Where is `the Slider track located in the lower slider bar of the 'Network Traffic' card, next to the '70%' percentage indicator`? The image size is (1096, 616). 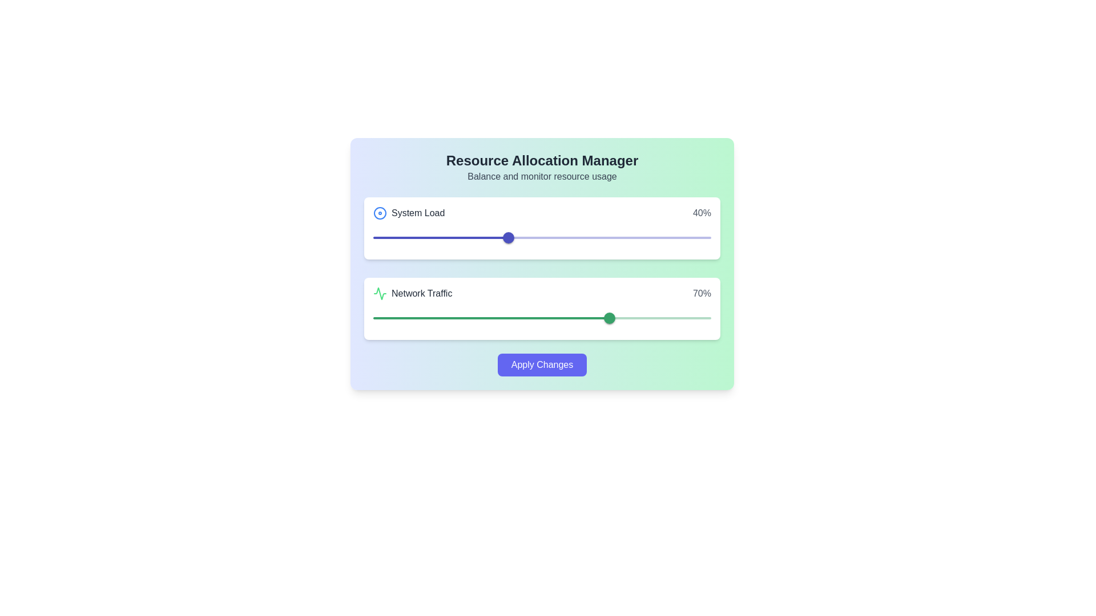 the Slider track located in the lower slider bar of the 'Network Traffic' card, next to the '70%' percentage indicator is located at coordinates (491, 318).